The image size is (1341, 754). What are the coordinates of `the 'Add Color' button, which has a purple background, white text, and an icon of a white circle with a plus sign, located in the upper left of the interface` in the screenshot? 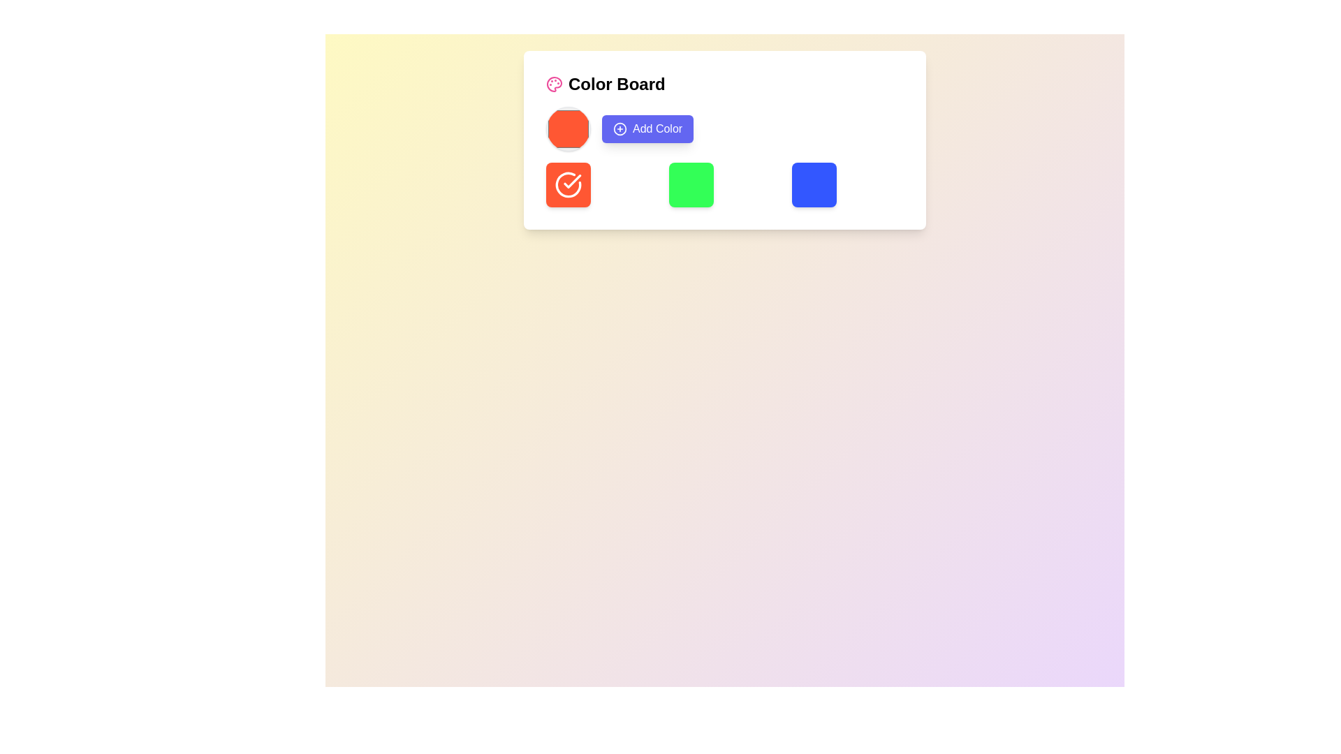 It's located at (647, 129).